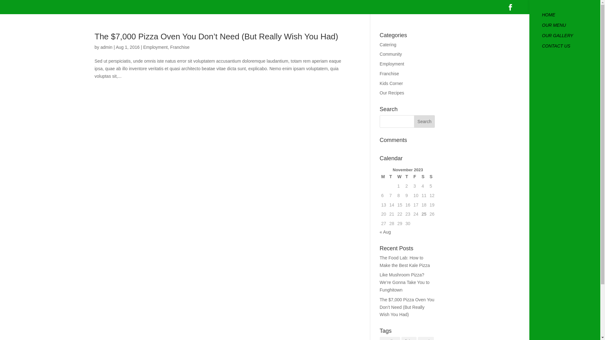 The image size is (605, 340). I want to click on 'Catering', so click(379, 44).